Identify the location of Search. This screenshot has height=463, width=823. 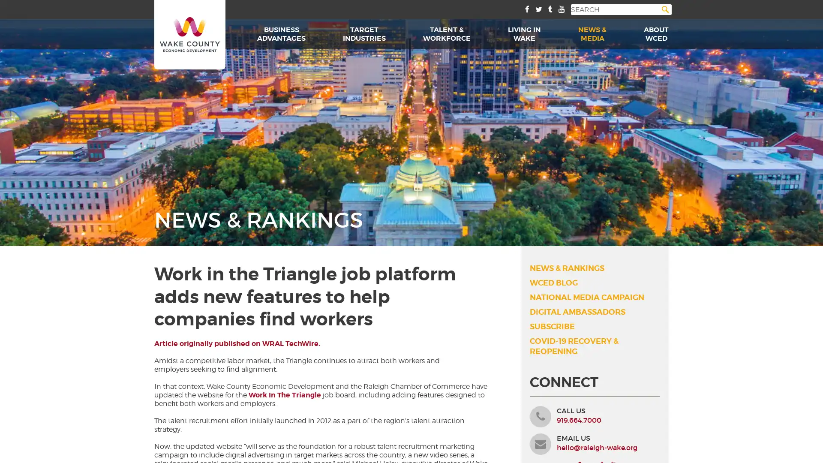
(664, 9).